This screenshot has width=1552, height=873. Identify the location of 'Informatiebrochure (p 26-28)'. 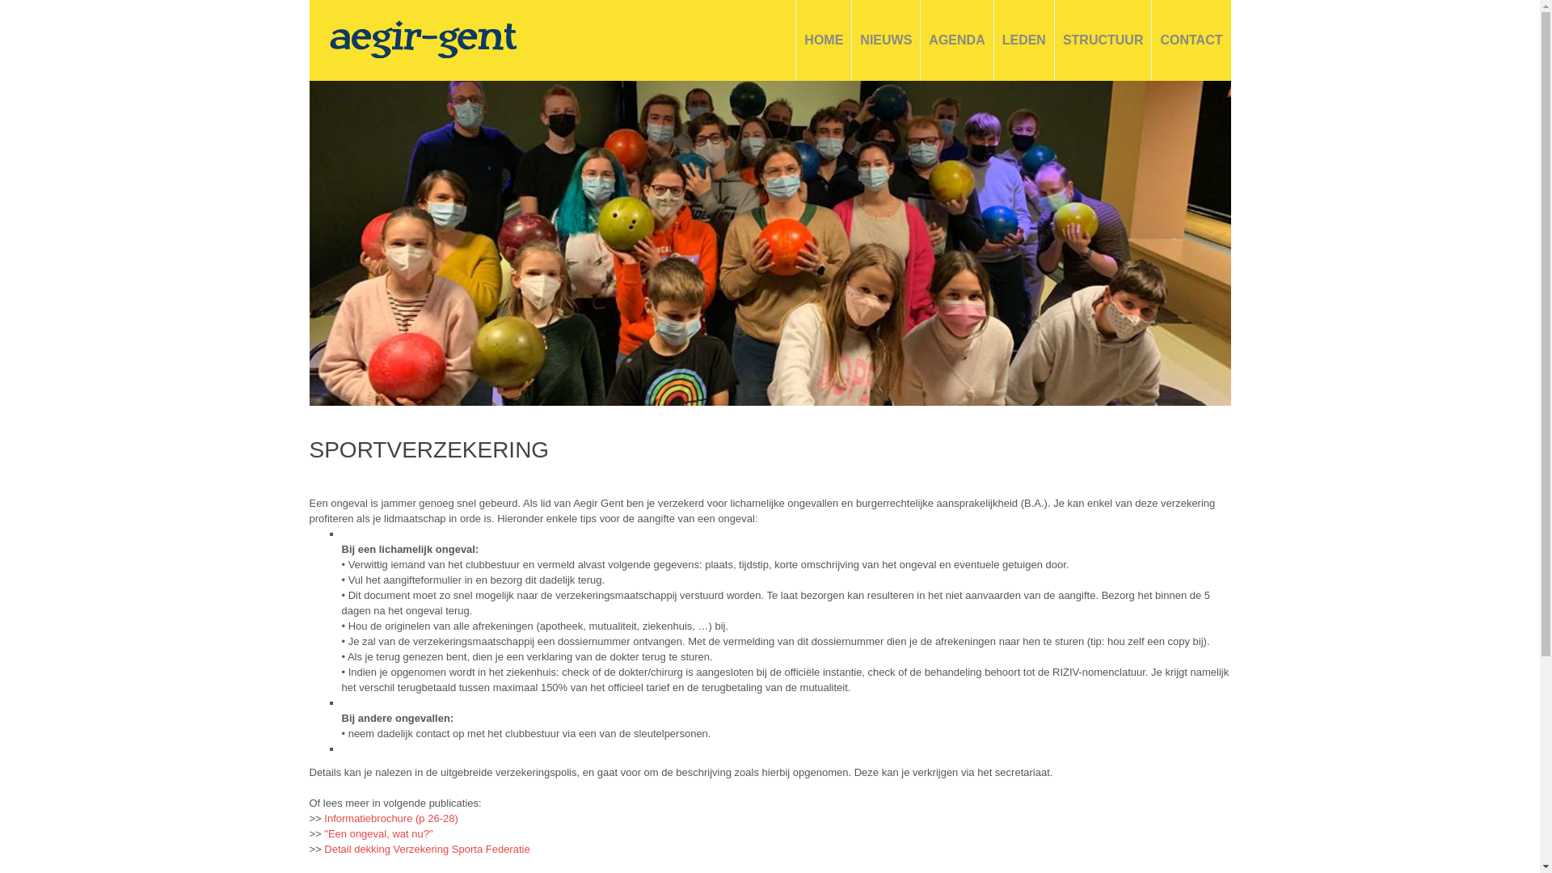
(390, 818).